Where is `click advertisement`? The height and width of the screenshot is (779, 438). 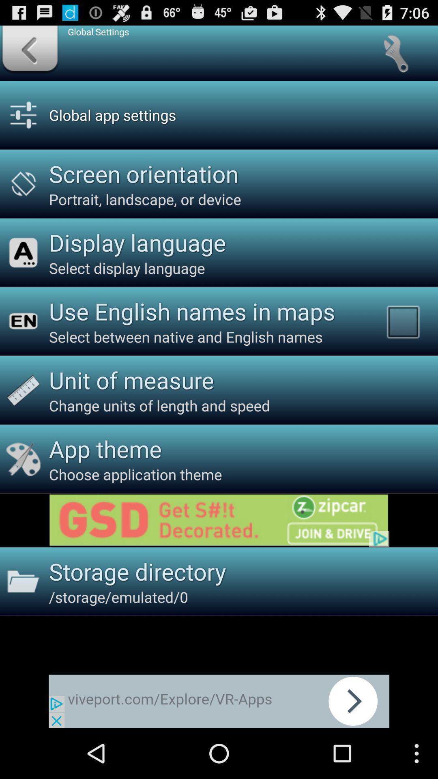 click advertisement is located at coordinates (219, 520).